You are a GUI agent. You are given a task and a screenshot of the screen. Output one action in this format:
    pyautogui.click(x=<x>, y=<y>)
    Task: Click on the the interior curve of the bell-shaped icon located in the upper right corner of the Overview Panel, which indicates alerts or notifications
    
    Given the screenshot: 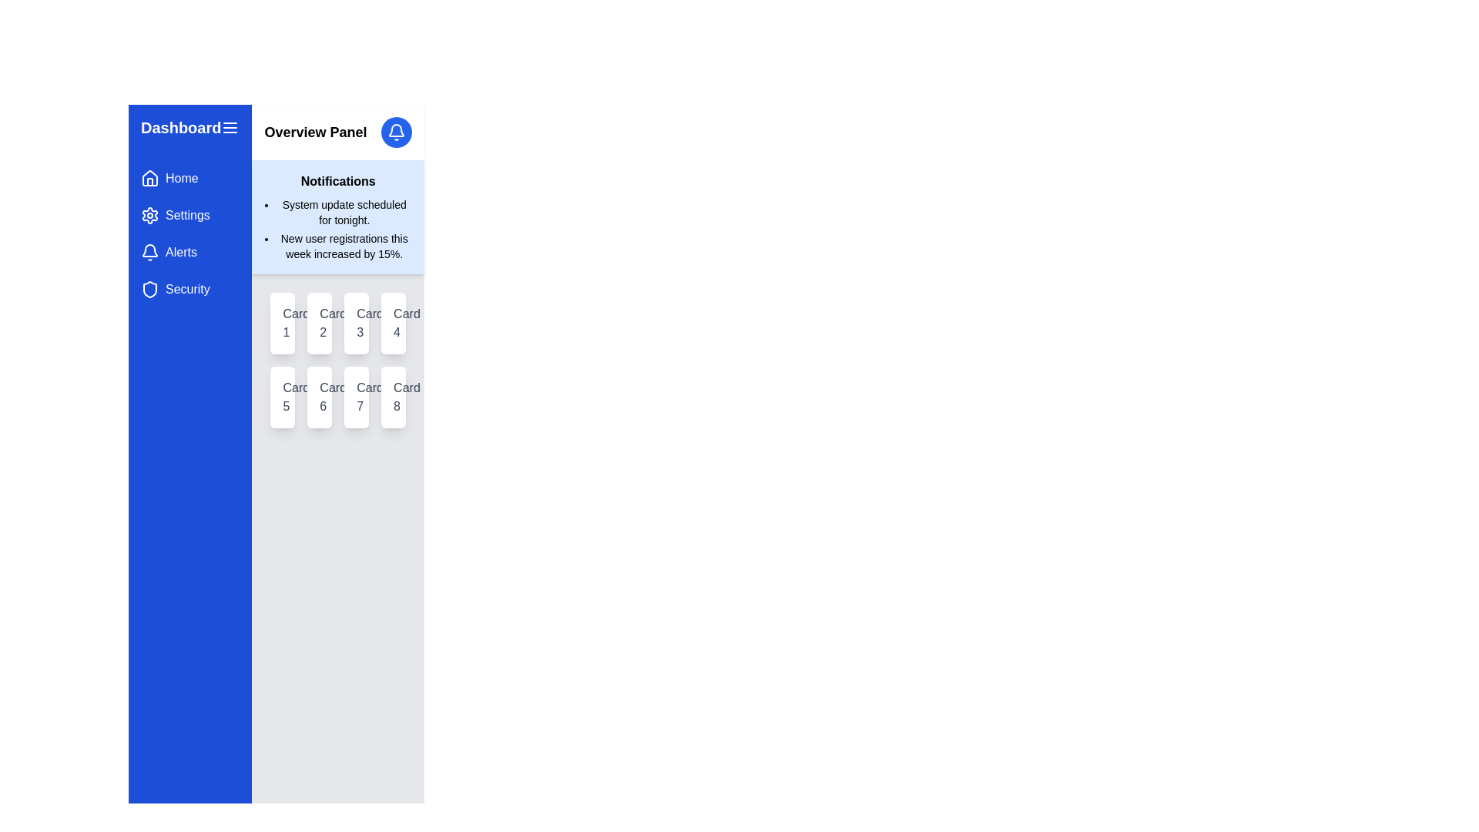 What is the action you would take?
    pyautogui.click(x=396, y=129)
    